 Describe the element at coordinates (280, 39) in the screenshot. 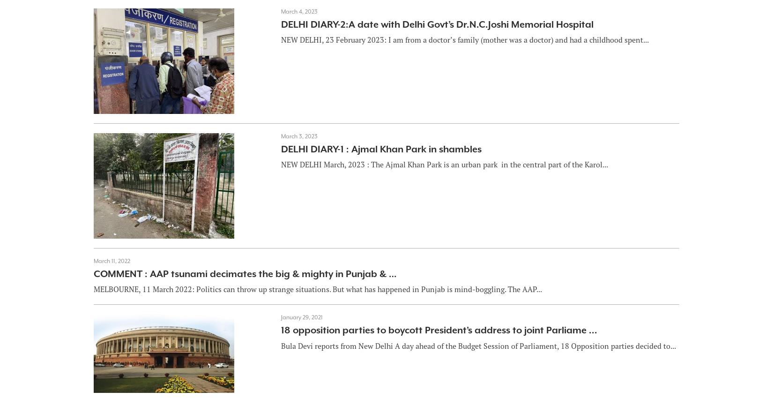

I see `'NEW DELHI, 23 February 2023: I am from a doctor’s family (mother was a doctor) and had a childhood spent...'` at that location.